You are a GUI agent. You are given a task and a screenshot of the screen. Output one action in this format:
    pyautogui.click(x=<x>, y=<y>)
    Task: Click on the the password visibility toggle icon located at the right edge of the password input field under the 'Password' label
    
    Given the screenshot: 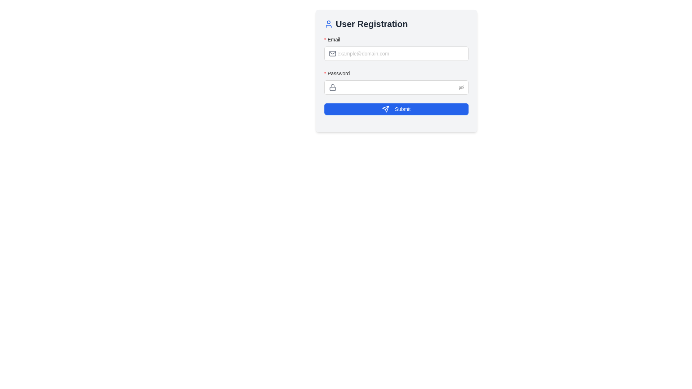 What is the action you would take?
    pyautogui.click(x=461, y=87)
    